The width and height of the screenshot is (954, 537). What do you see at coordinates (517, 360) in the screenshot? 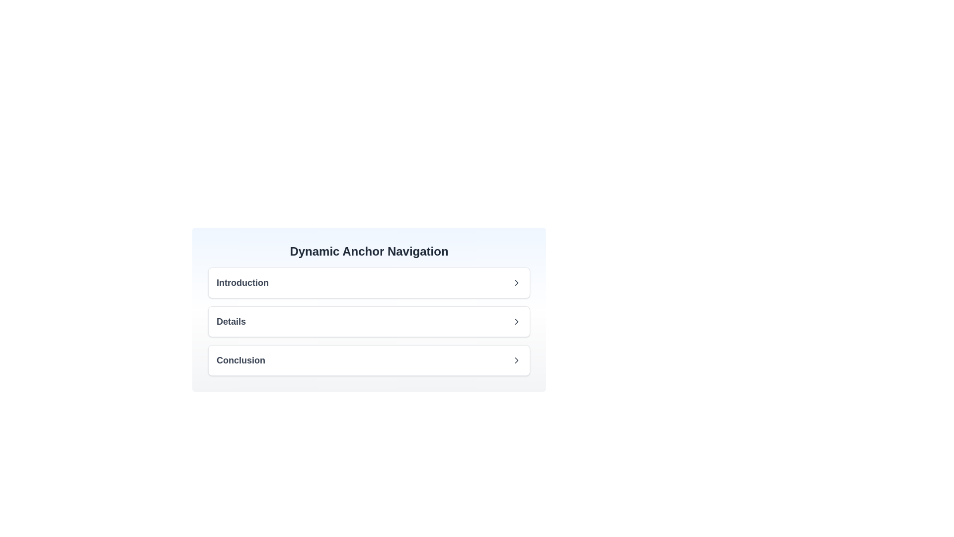
I see `the right-arrow chevron icon located at the end of the 'Conclusion' entry in the vertical list` at bounding box center [517, 360].